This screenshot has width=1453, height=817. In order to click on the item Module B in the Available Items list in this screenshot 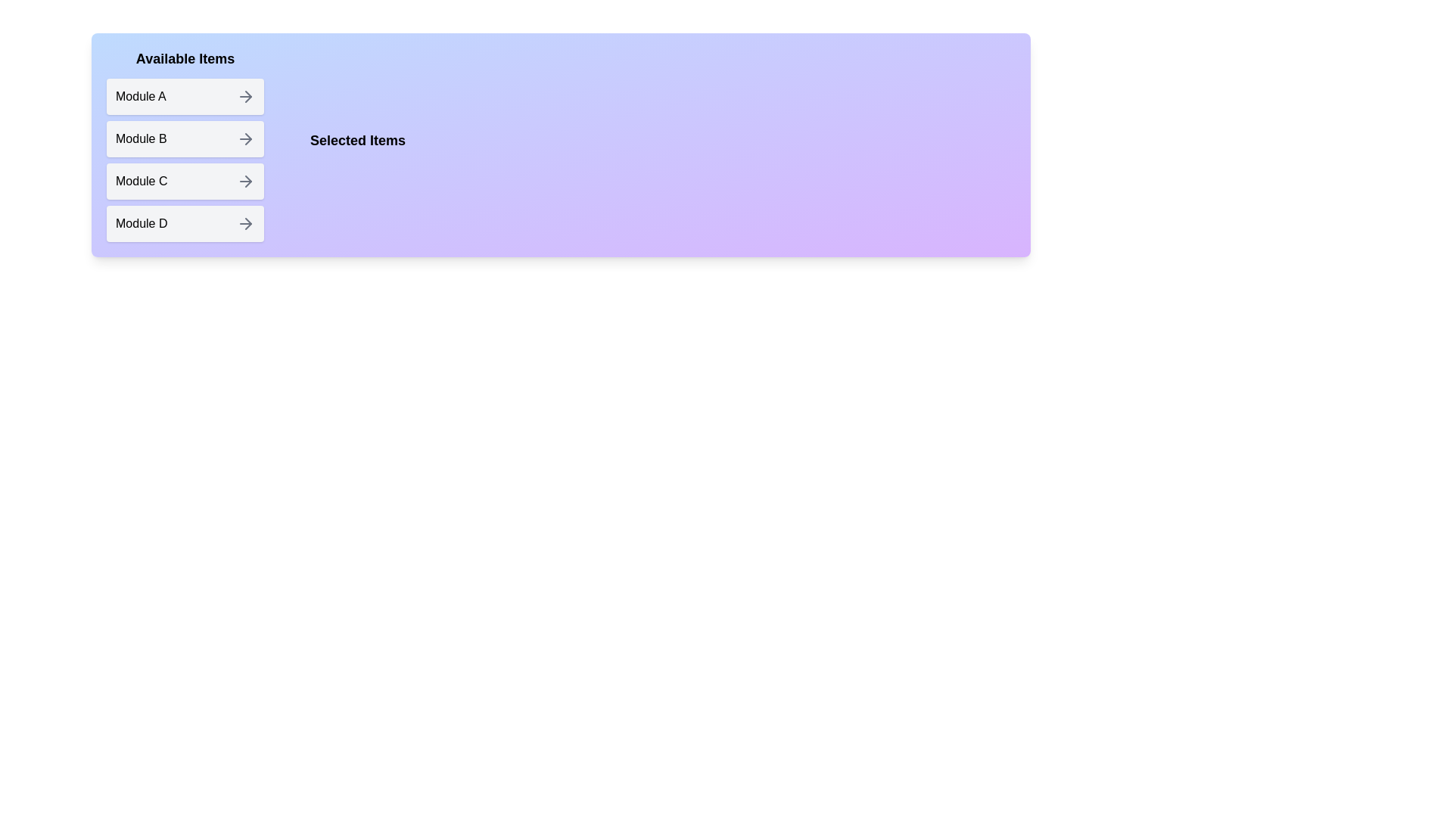, I will do `click(184, 139)`.